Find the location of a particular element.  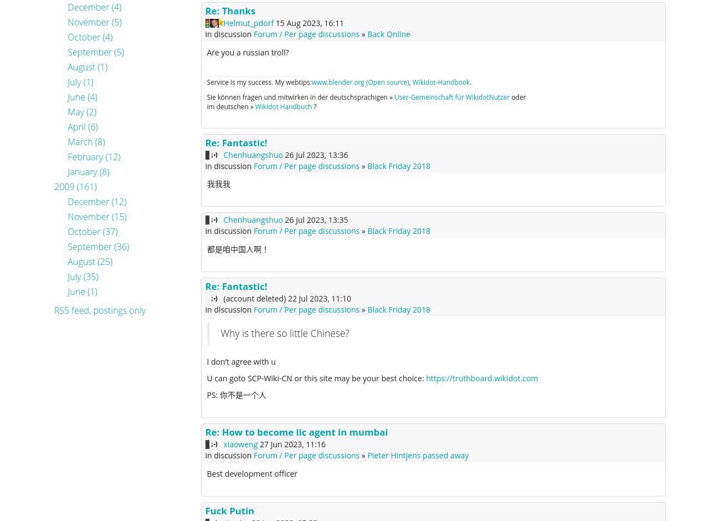

'15 Aug 2023, 16:11' is located at coordinates (309, 22).